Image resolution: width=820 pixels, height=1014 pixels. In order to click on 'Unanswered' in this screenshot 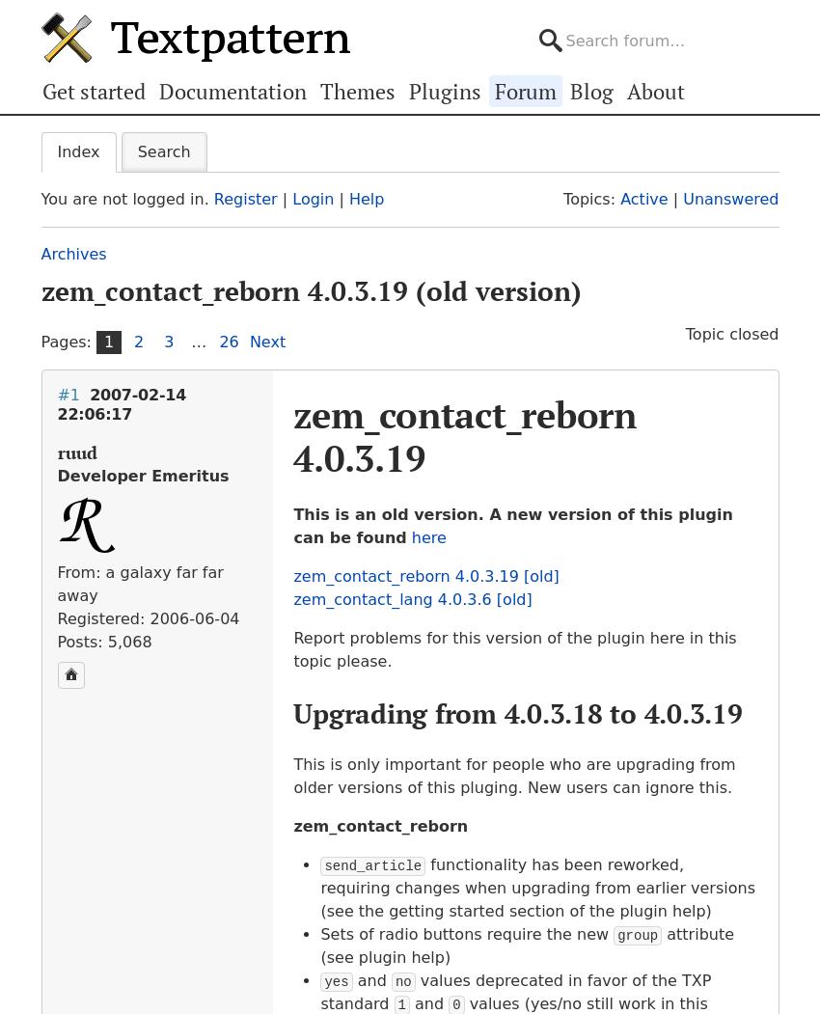, I will do `click(730, 198)`.